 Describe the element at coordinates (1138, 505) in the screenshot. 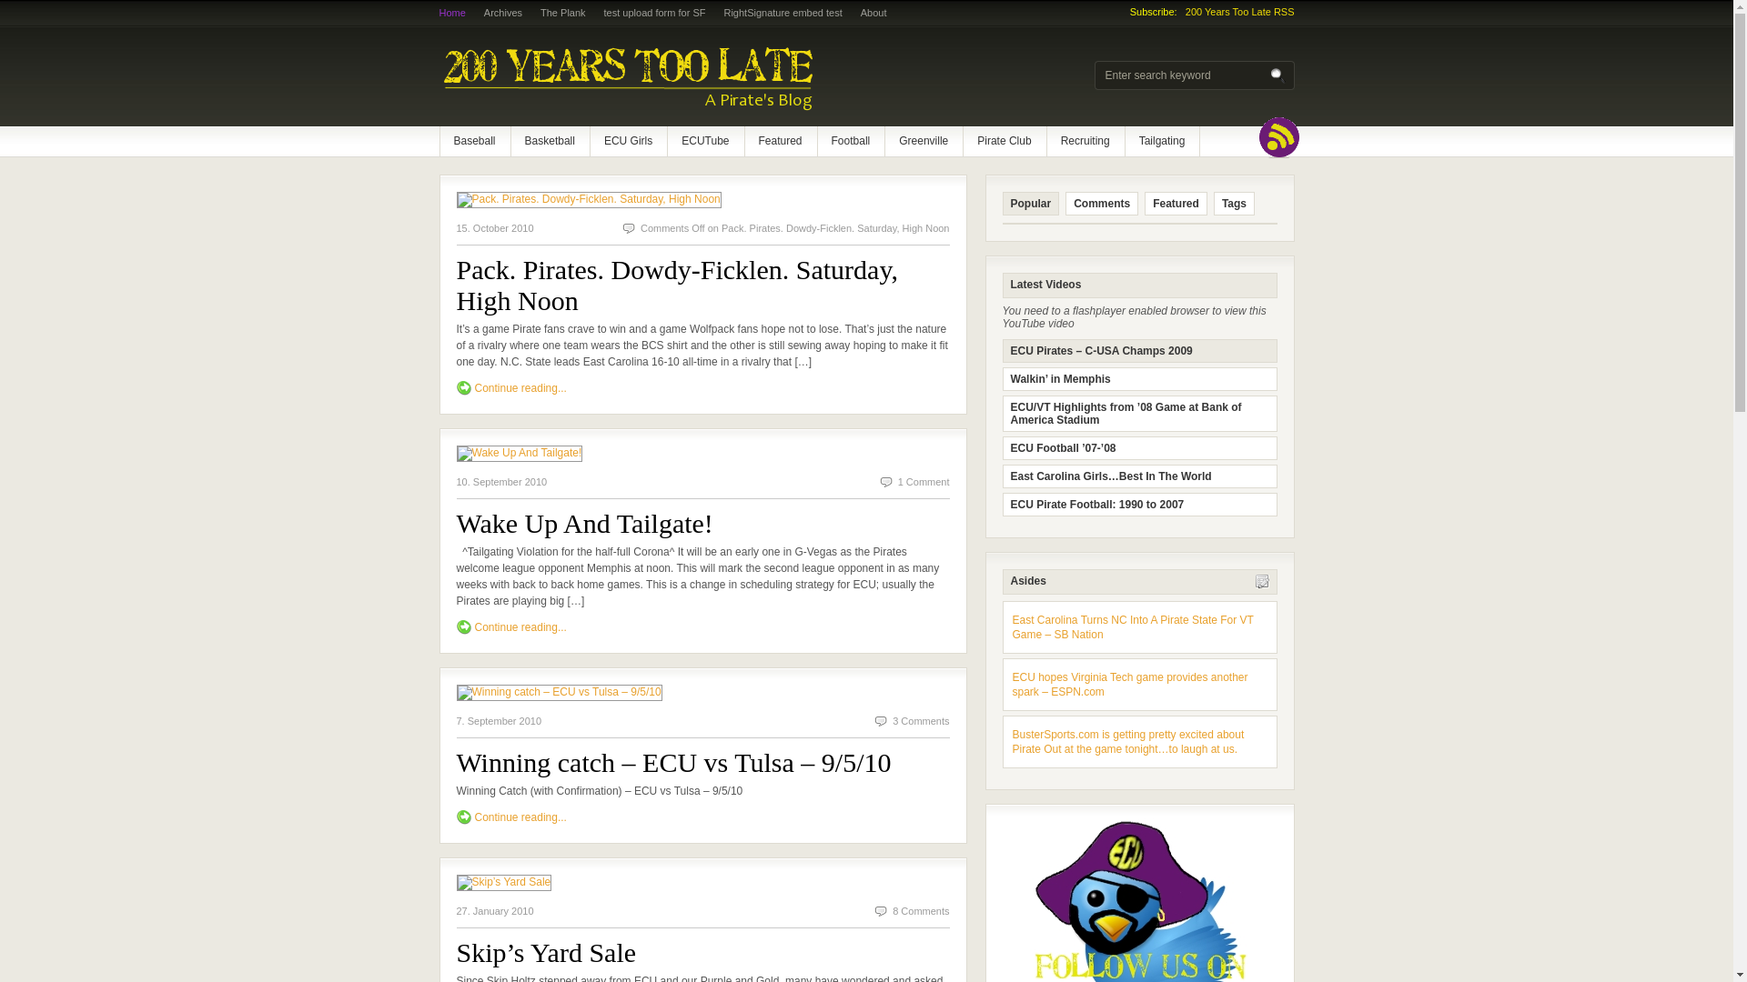

I see `'ECU Pirate Football: 1990 to 2007'` at that location.